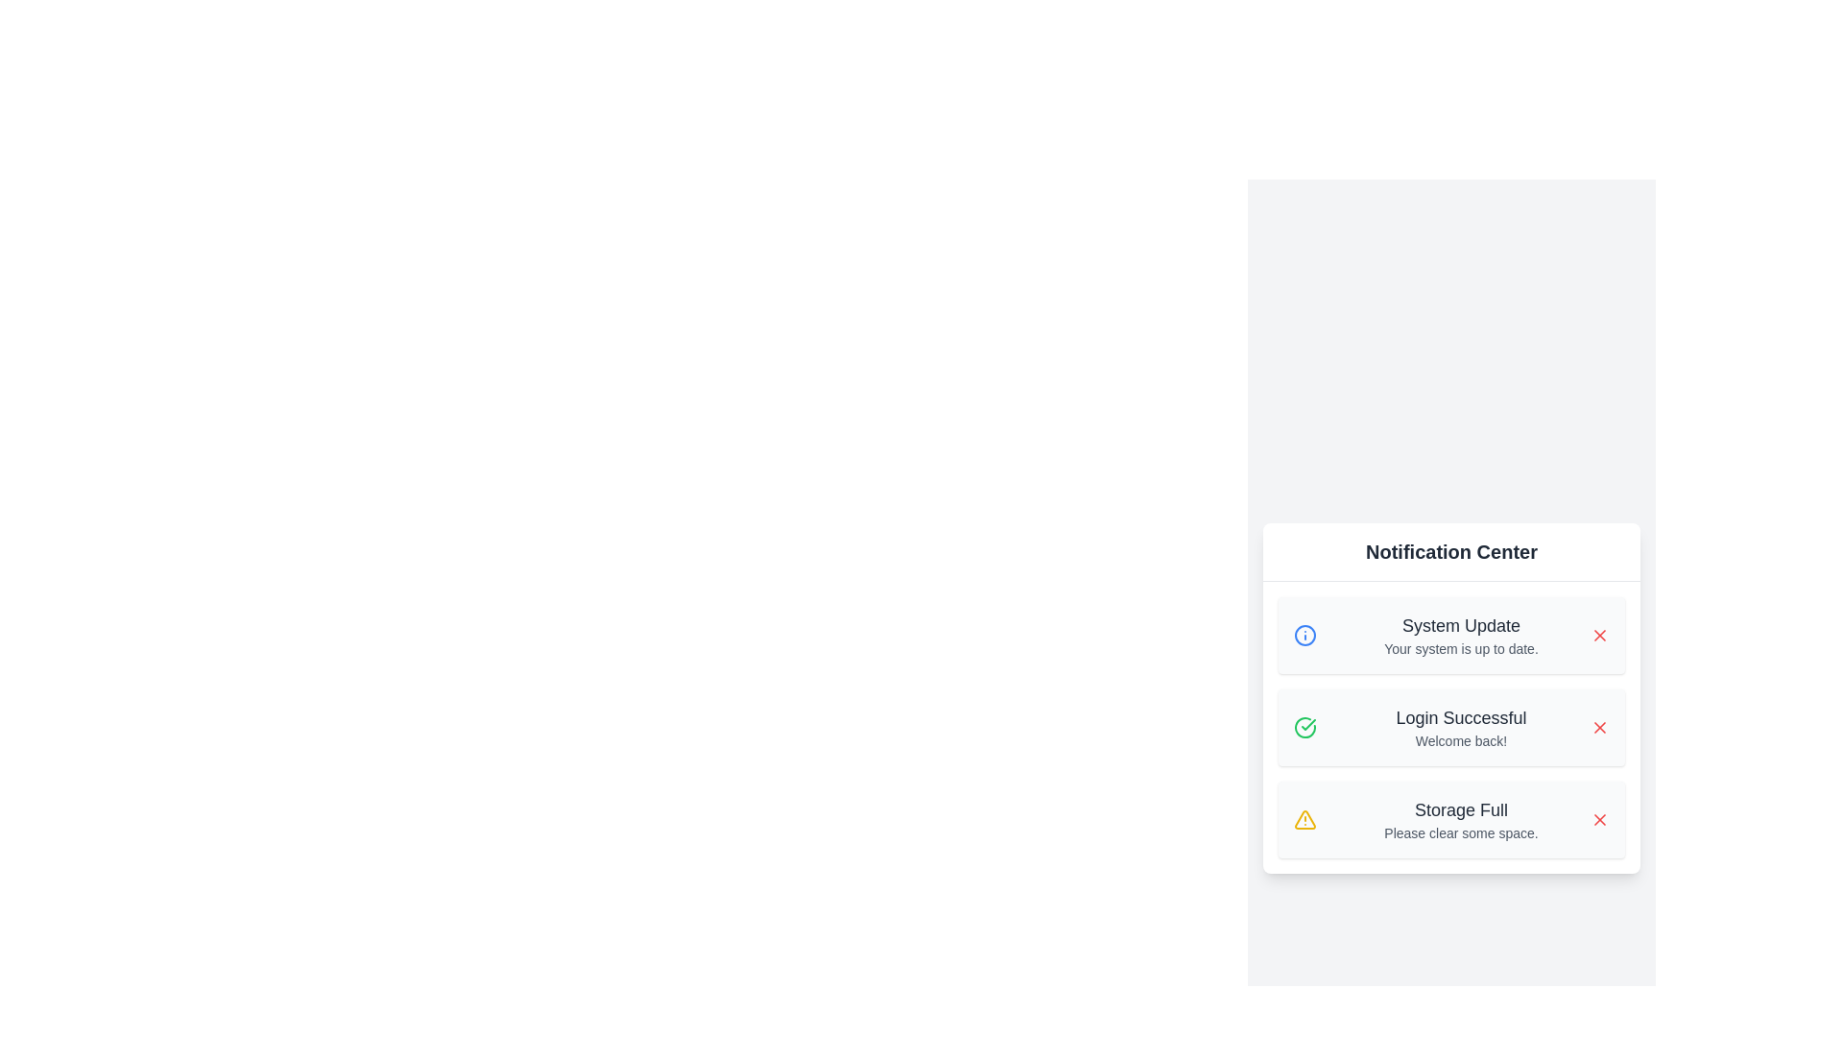 This screenshot has height=1037, width=1843. I want to click on 'Login Successful' notification message, which is the second notification in the Notification Center, displaying a large gray font and a smaller lighter gray font, so click(1460, 727).